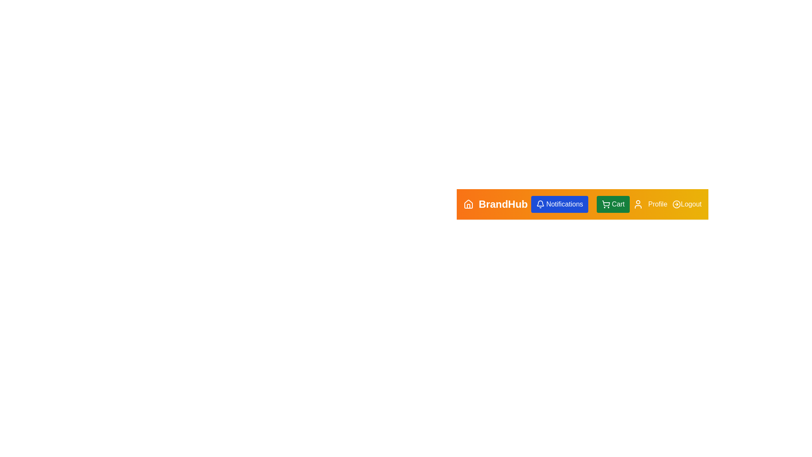 This screenshot has width=812, height=457. Describe the element at coordinates (468, 204) in the screenshot. I see `the home icon to navigate to the home page` at that location.